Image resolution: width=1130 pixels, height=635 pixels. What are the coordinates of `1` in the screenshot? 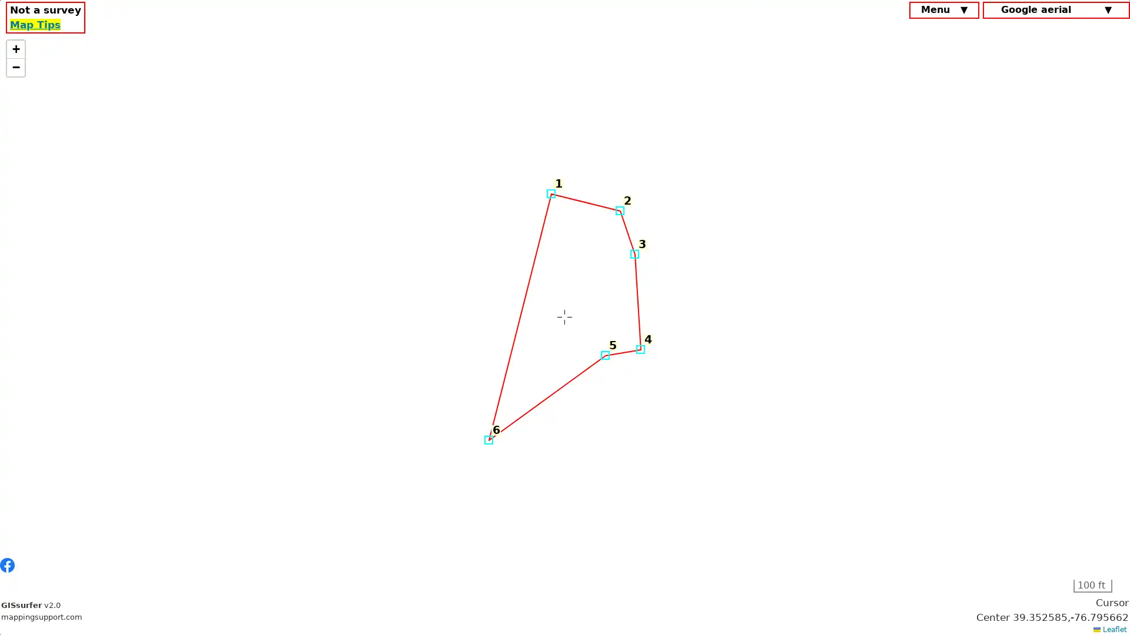 It's located at (558, 183).